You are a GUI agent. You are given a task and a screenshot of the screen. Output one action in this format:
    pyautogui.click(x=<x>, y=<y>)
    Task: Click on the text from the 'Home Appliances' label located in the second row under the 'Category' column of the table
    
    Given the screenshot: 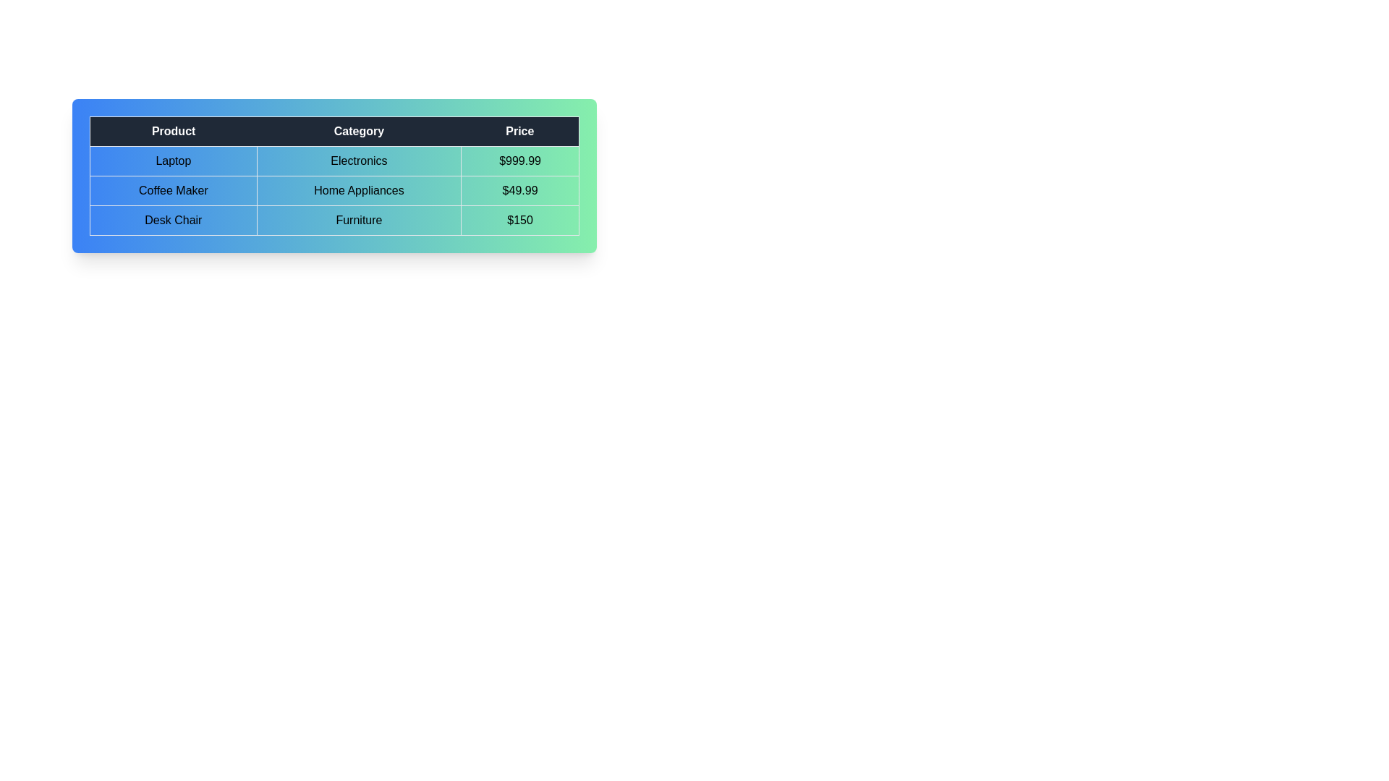 What is the action you would take?
    pyautogui.click(x=359, y=189)
    